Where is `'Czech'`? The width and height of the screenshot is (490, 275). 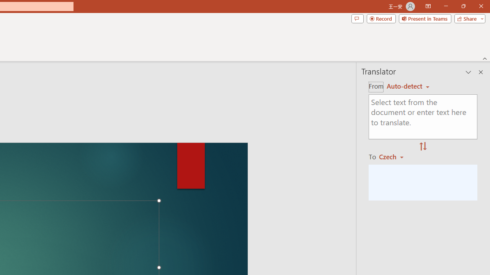
'Czech' is located at coordinates (395, 156).